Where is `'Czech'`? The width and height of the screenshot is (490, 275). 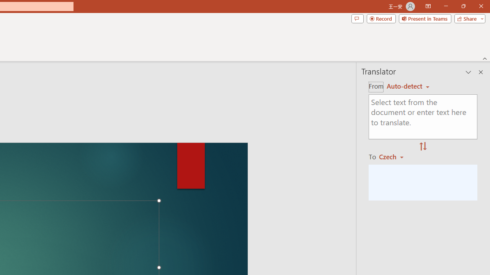
'Czech' is located at coordinates (395, 156).